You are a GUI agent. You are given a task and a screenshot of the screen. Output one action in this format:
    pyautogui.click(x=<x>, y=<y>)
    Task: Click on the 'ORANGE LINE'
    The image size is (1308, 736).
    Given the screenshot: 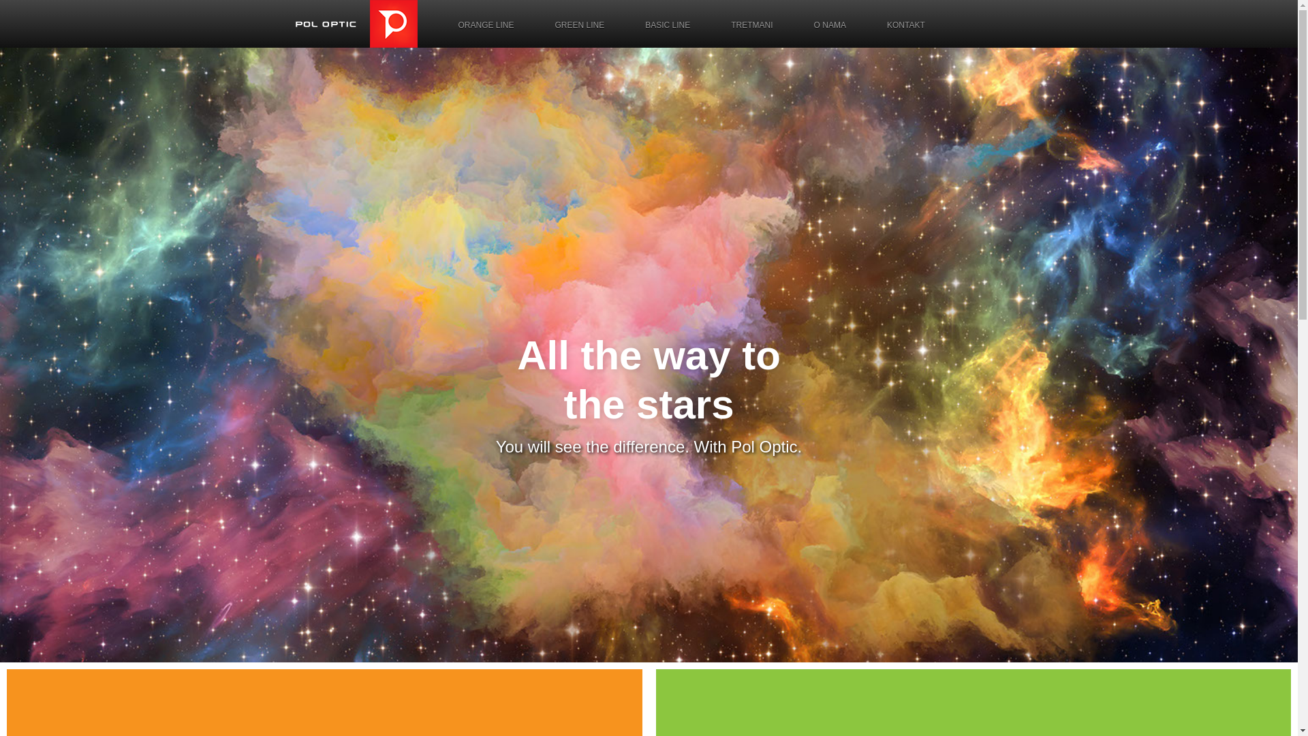 What is the action you would take?
    pyautogui.click(x=486, y=25)
    